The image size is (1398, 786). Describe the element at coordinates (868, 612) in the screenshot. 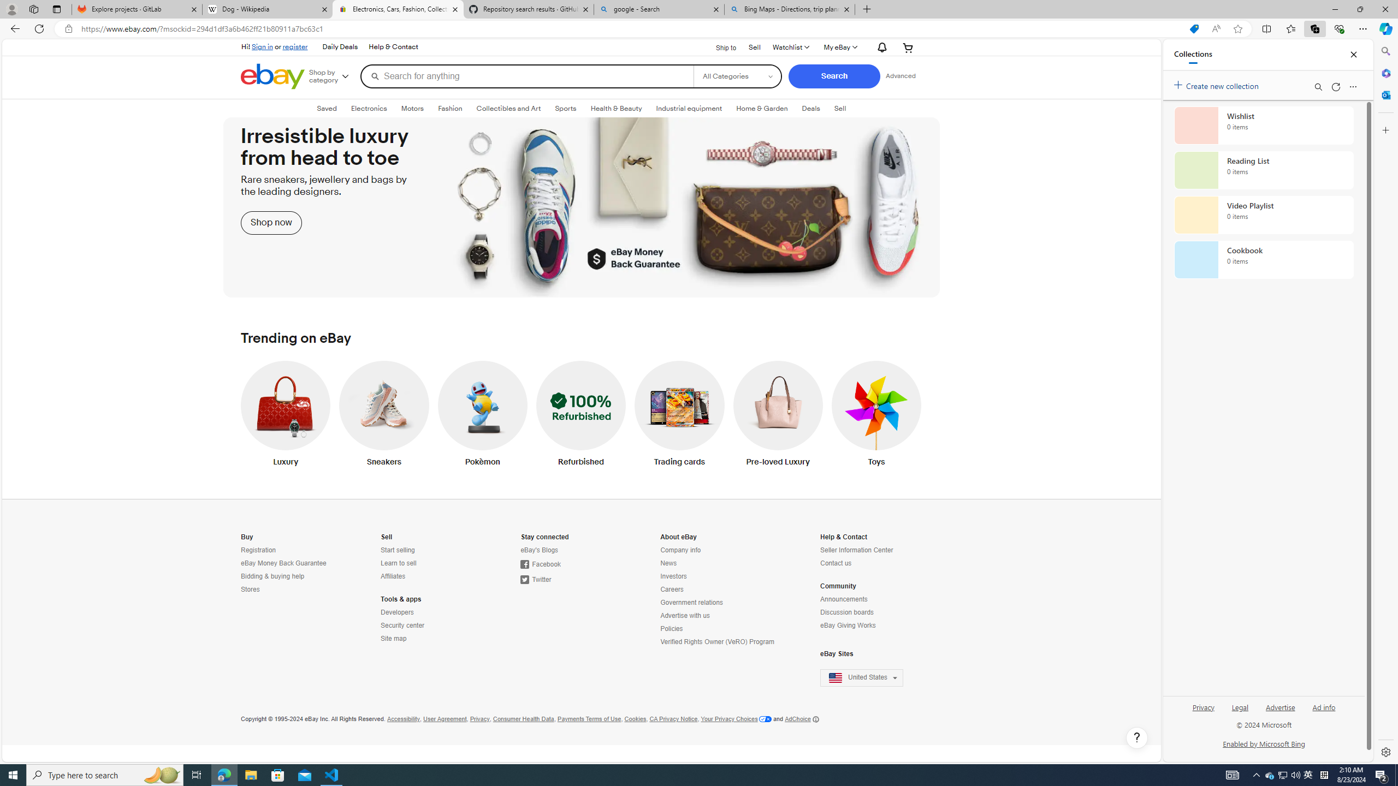

I see `'Discussion boards'` at that location.